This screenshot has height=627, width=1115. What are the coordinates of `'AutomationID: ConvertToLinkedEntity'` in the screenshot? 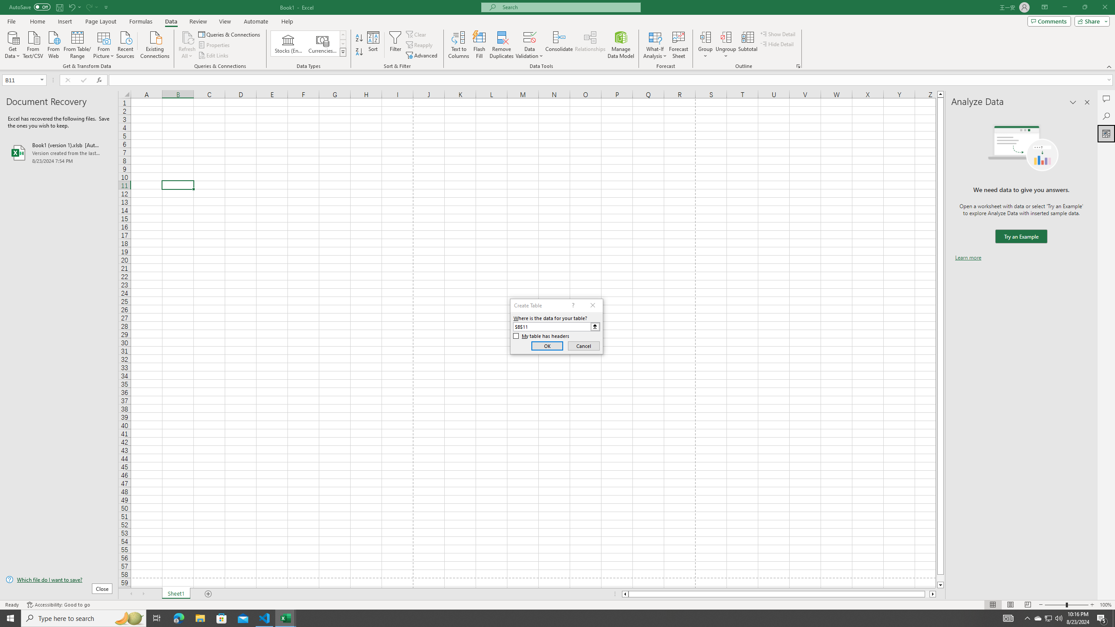 It's located at (309, 43).